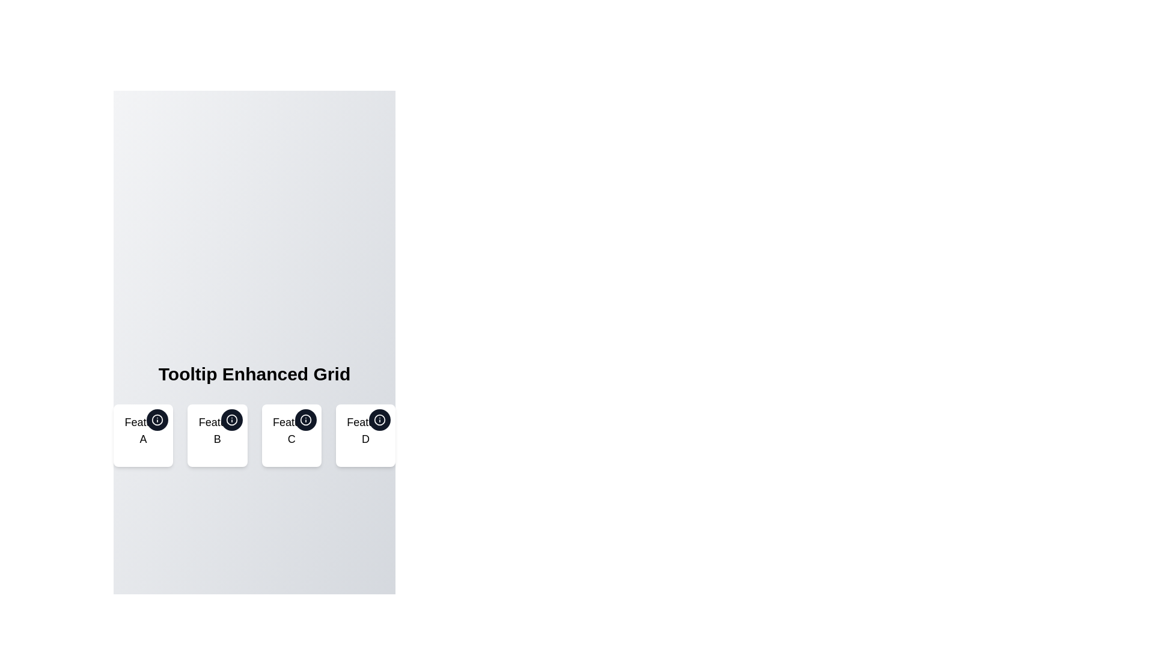 This screenshot has width=1154, height=649. Describe the element at coordinates (157, 419) in the screenshot. I see `the circular status indicator icon associated with 'Feat A' located at the bottom of the grid` at that location.